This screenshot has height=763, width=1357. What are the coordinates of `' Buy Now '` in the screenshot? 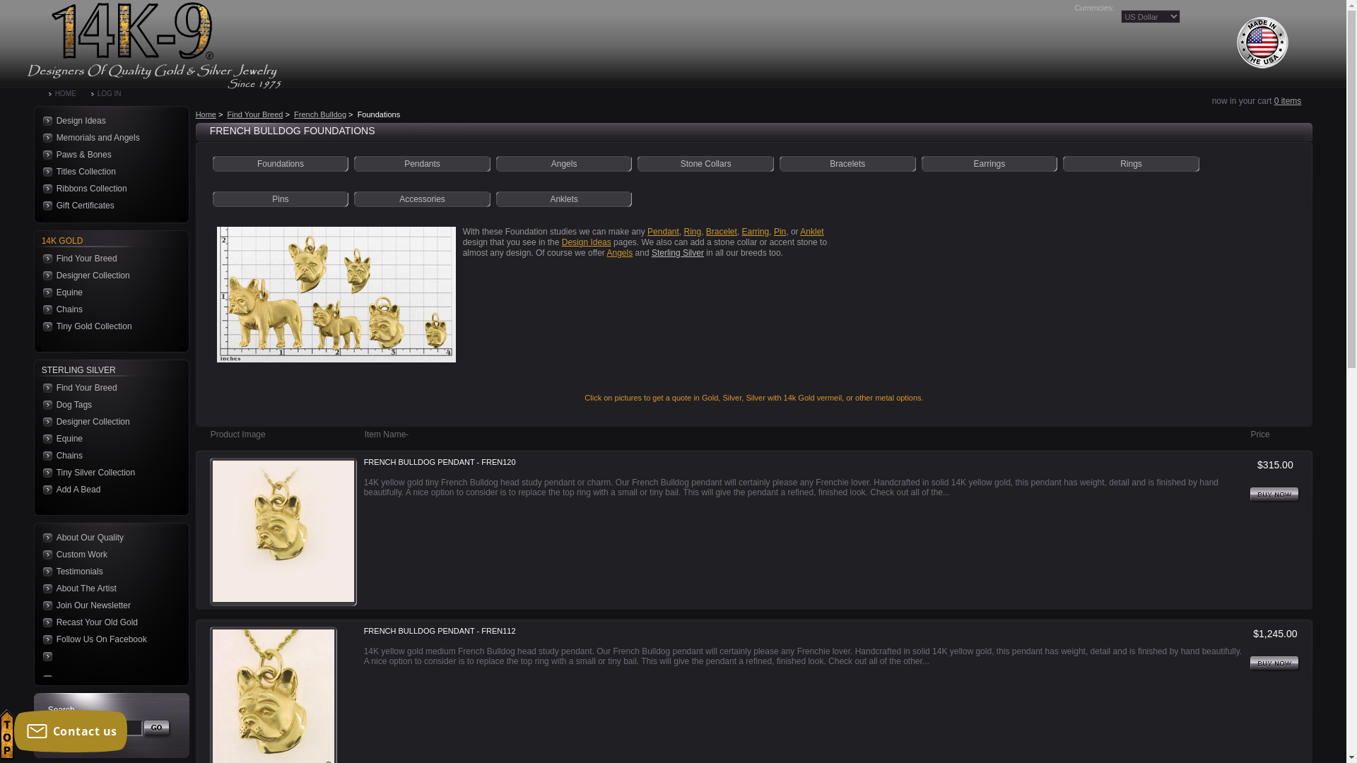 It's located at (1275, 495).